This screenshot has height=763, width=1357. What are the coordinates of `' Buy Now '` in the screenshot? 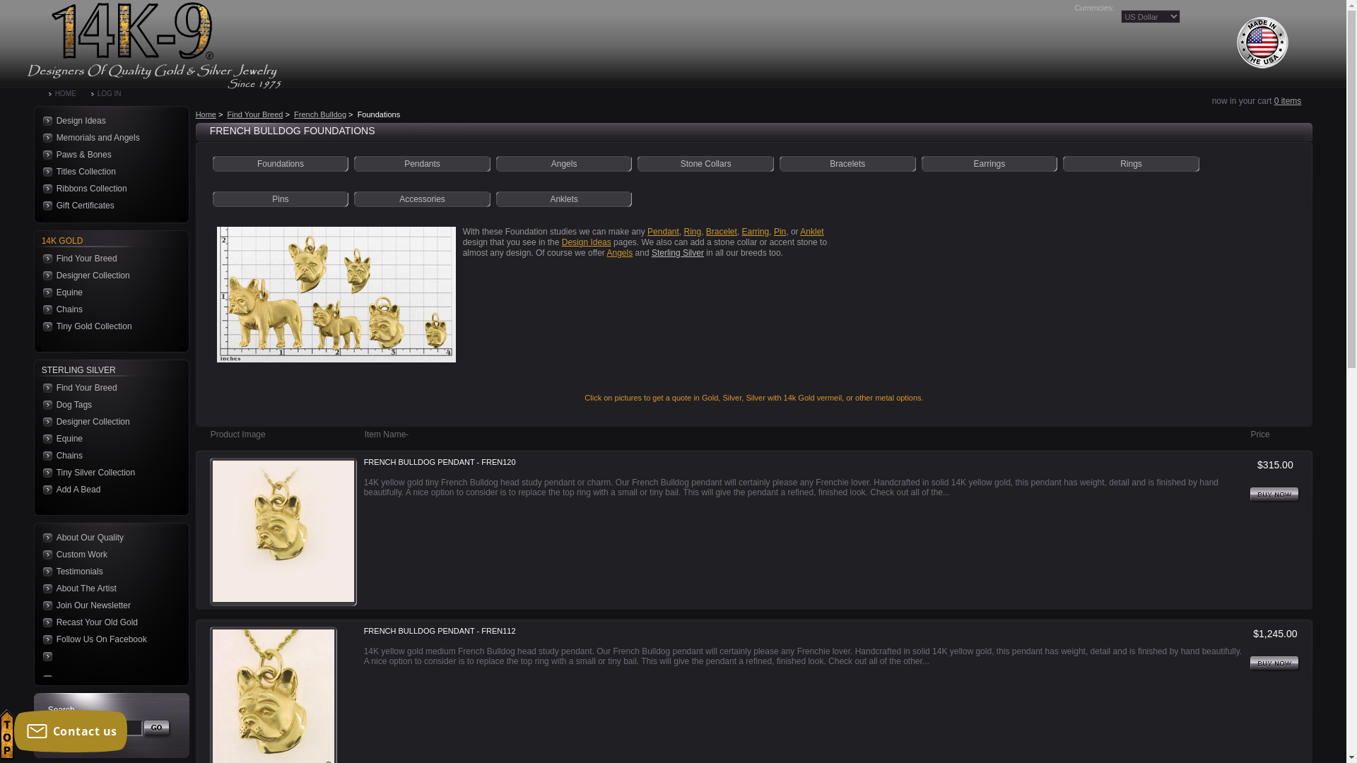 It's located at (1275, 495).